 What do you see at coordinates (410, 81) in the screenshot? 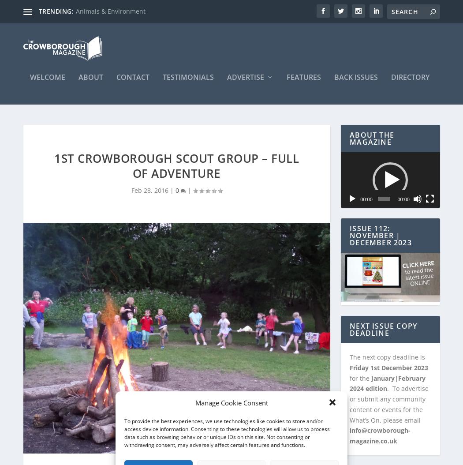
I see `'Directory'` at bounding box center [410, 81].